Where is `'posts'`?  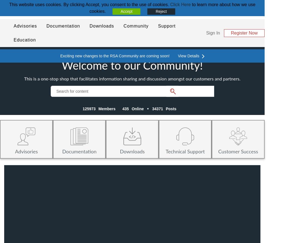
'posts' is located at coordinates (171, 109).